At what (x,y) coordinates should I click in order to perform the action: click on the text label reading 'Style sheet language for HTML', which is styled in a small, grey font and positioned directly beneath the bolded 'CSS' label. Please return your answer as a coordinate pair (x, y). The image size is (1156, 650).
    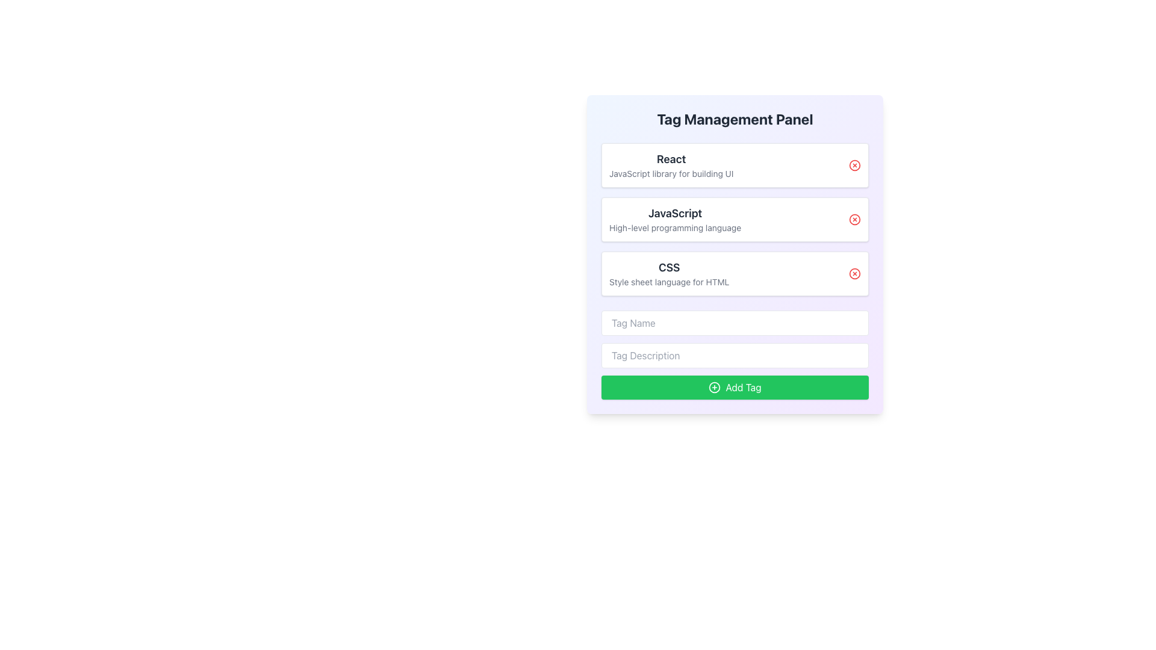
    Looking at the image, I should click on (668, 282).